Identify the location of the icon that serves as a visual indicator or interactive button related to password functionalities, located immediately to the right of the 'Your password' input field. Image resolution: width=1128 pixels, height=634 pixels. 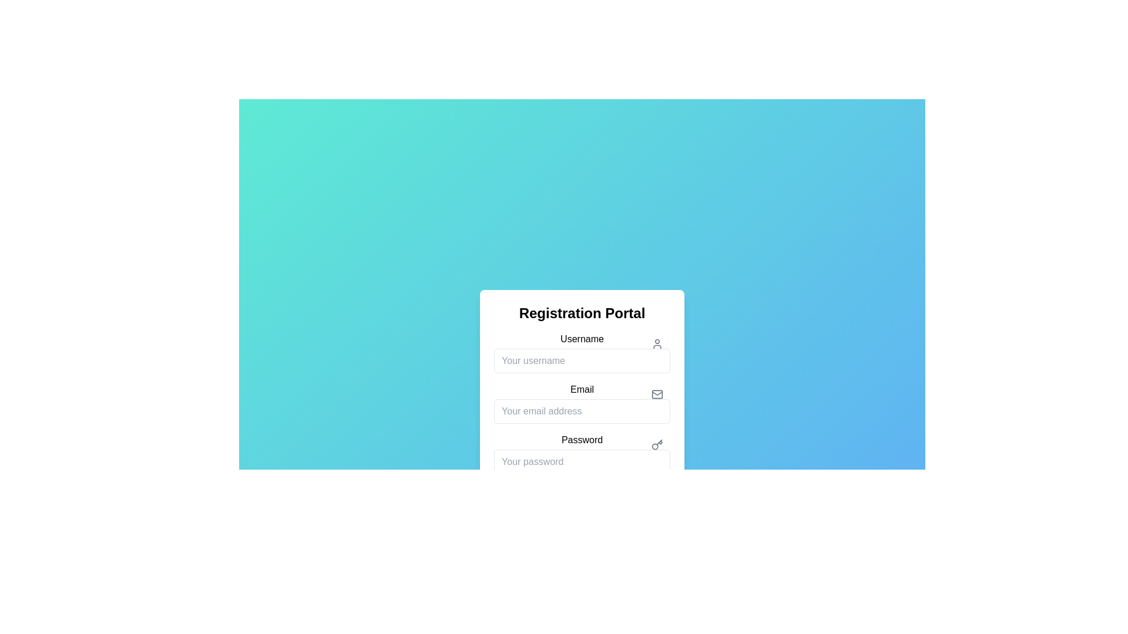
(656, 445).